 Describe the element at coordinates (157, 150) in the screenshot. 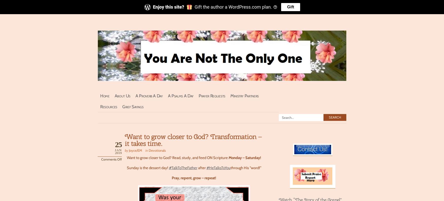

I see `'Devotionals'` at that location.